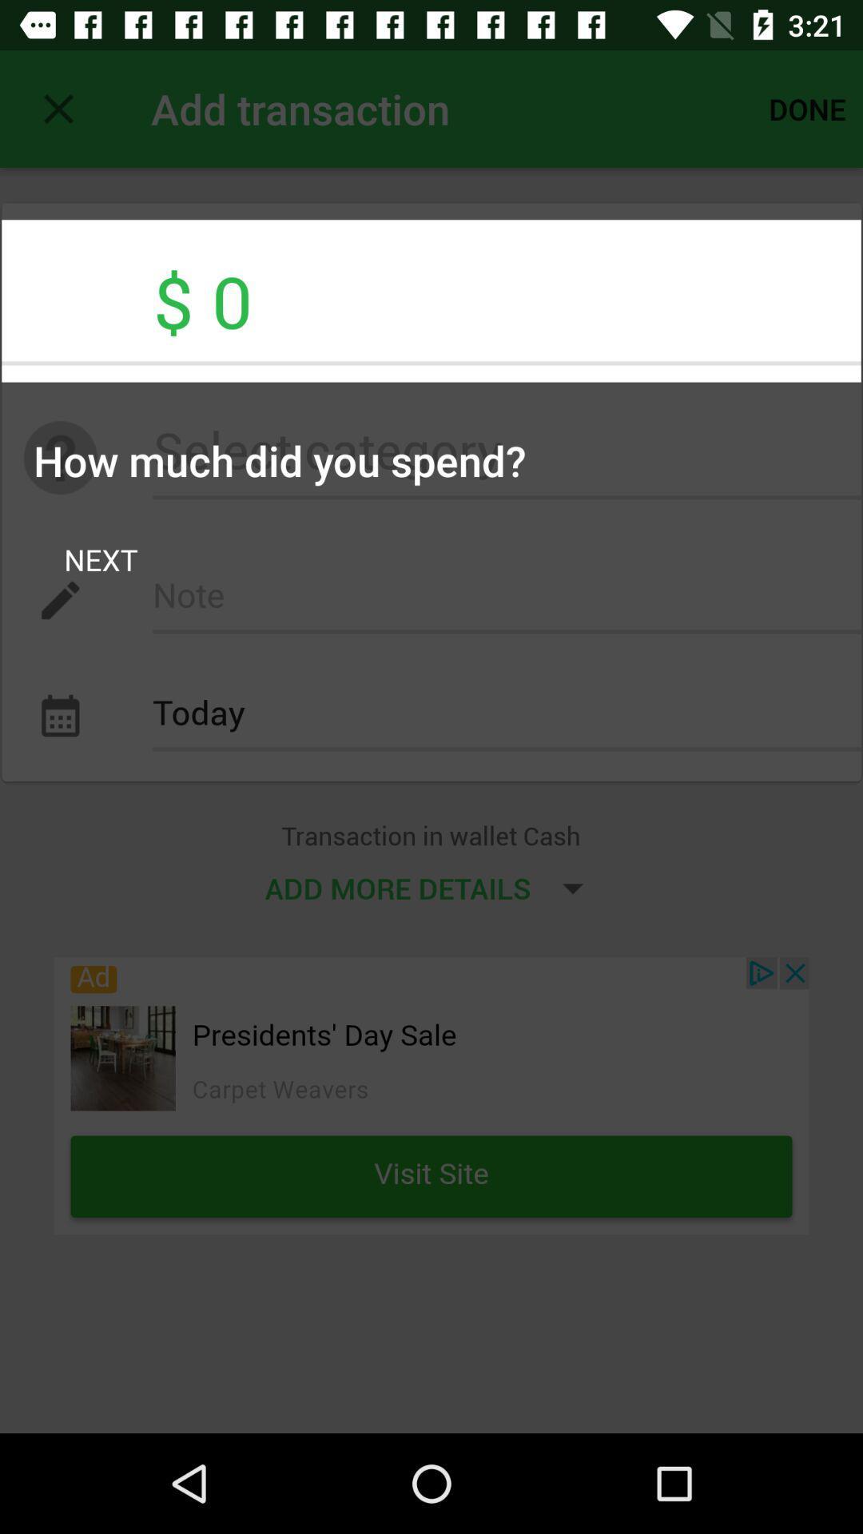 The height and width of the screenshot is (1534, 863). Describe the element at coordinates (807, 108) in the screenshot. I see `the item to the right of add transaction icon` at that location.